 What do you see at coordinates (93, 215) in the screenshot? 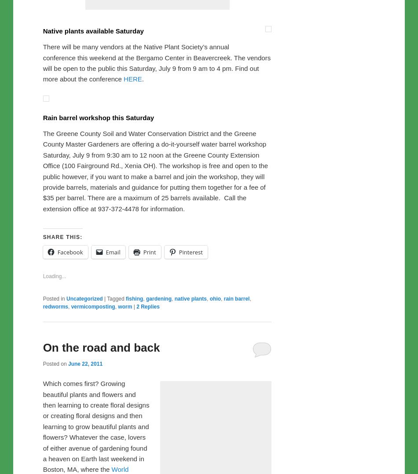
I see `'Native plants available Saturday'` at bounding box center [93, 215].